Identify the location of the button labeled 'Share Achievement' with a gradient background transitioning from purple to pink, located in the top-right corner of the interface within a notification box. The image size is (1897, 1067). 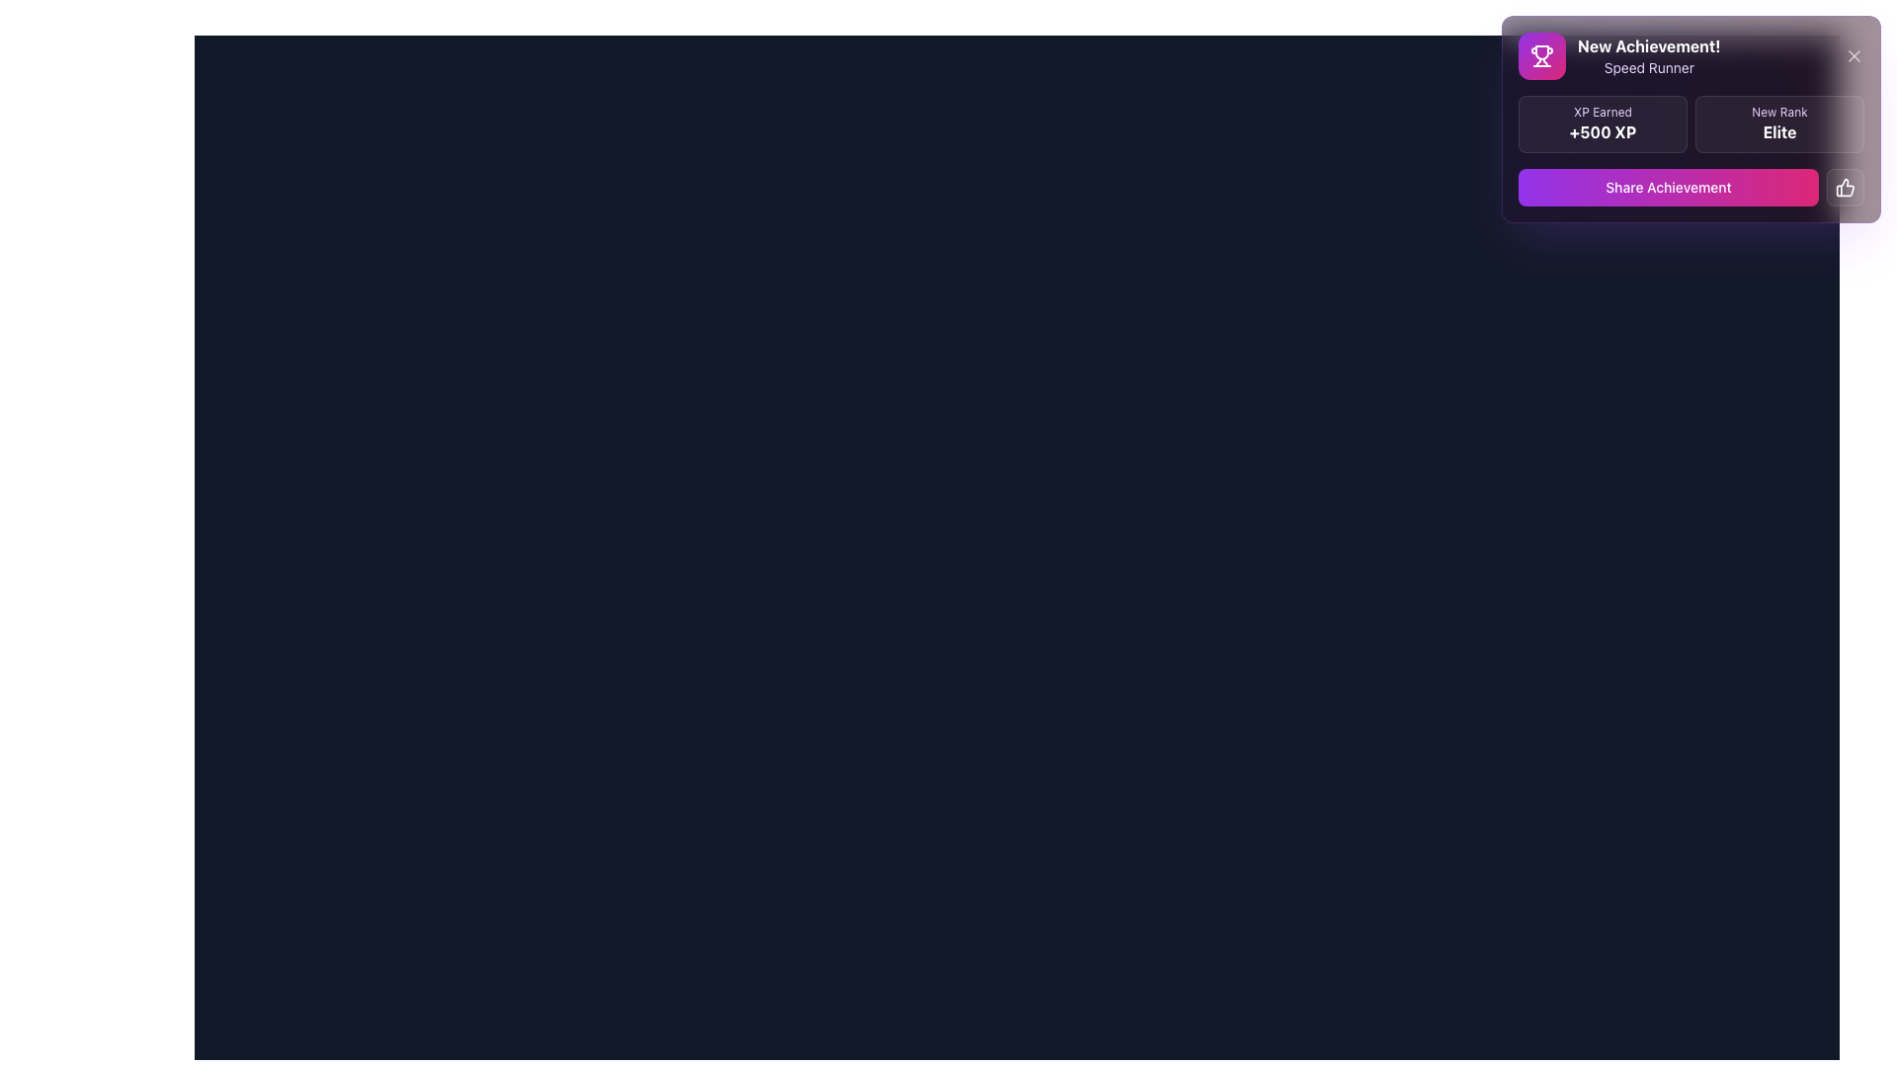
(1691, 187).